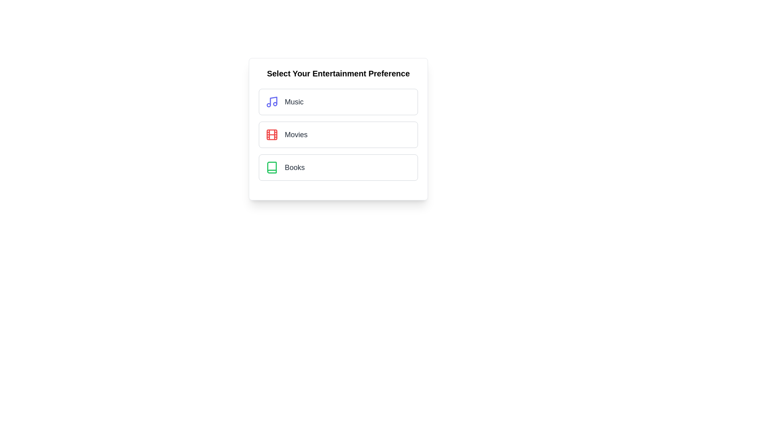  Describe the element at coordinates (338, 134) in the screenshot. I see `the selectable option for the category 'Movies' to trigger the highlight effect` at that location.